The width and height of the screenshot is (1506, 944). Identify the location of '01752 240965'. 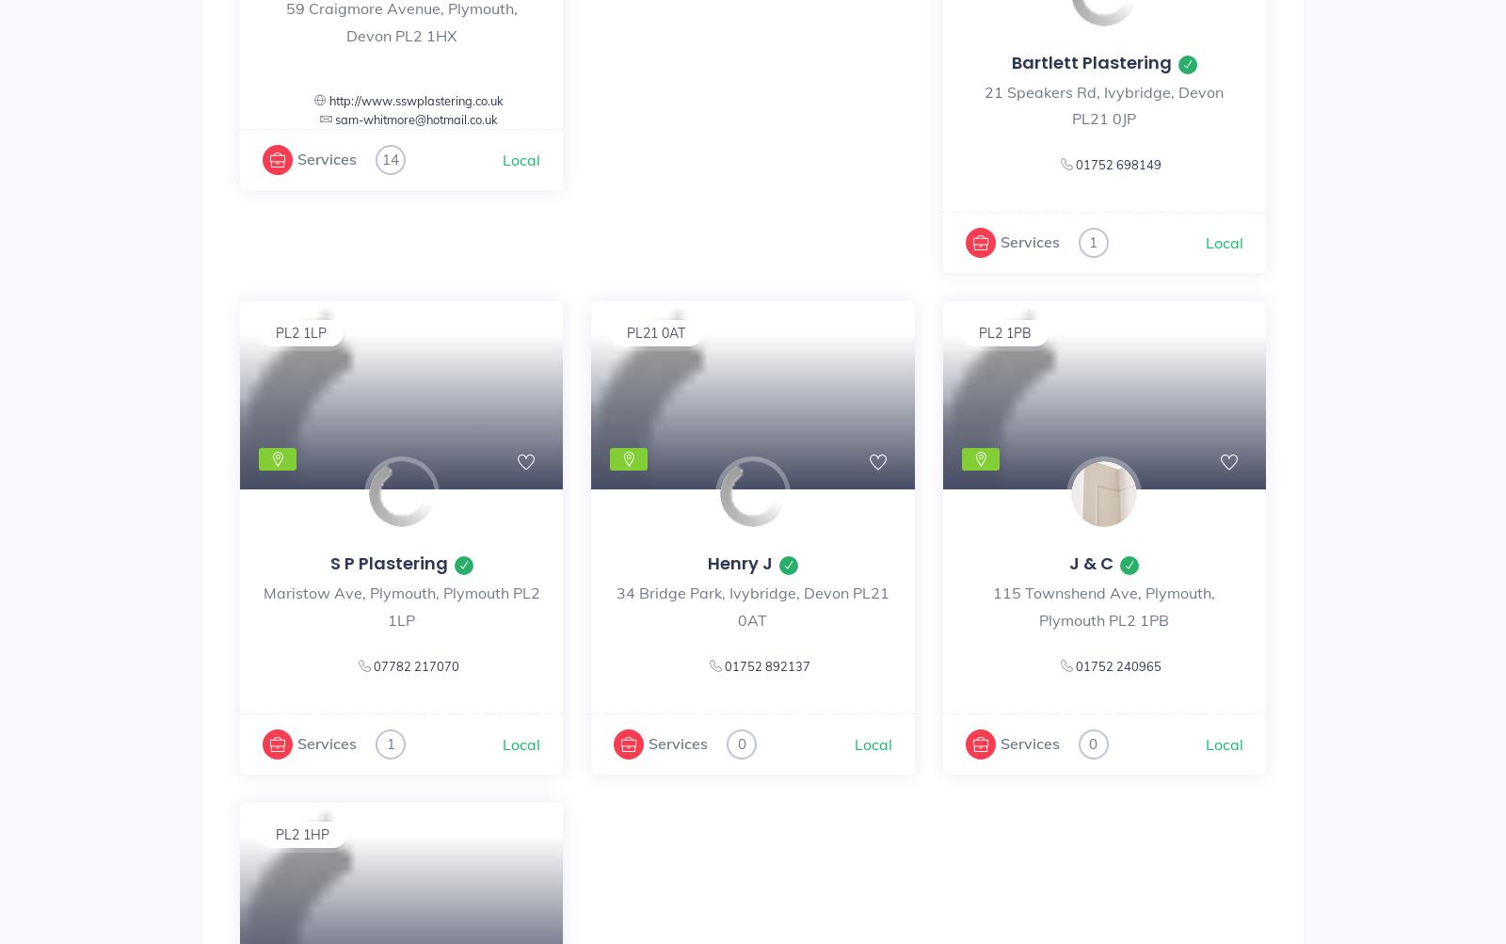
(1118, 664).